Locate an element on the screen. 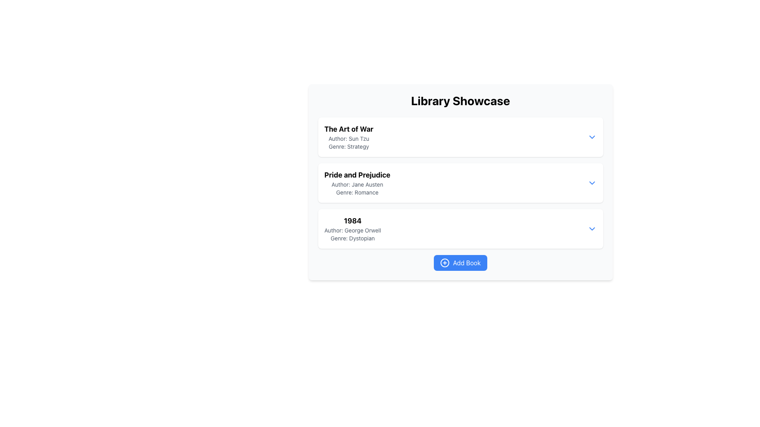 This screenshot has width=760, height=427. the downward-facing chevron icon button styled in blue, located at the far-right side of the information row for the book '1984', to trigger the hover color change is located at coordinates (592, 229).